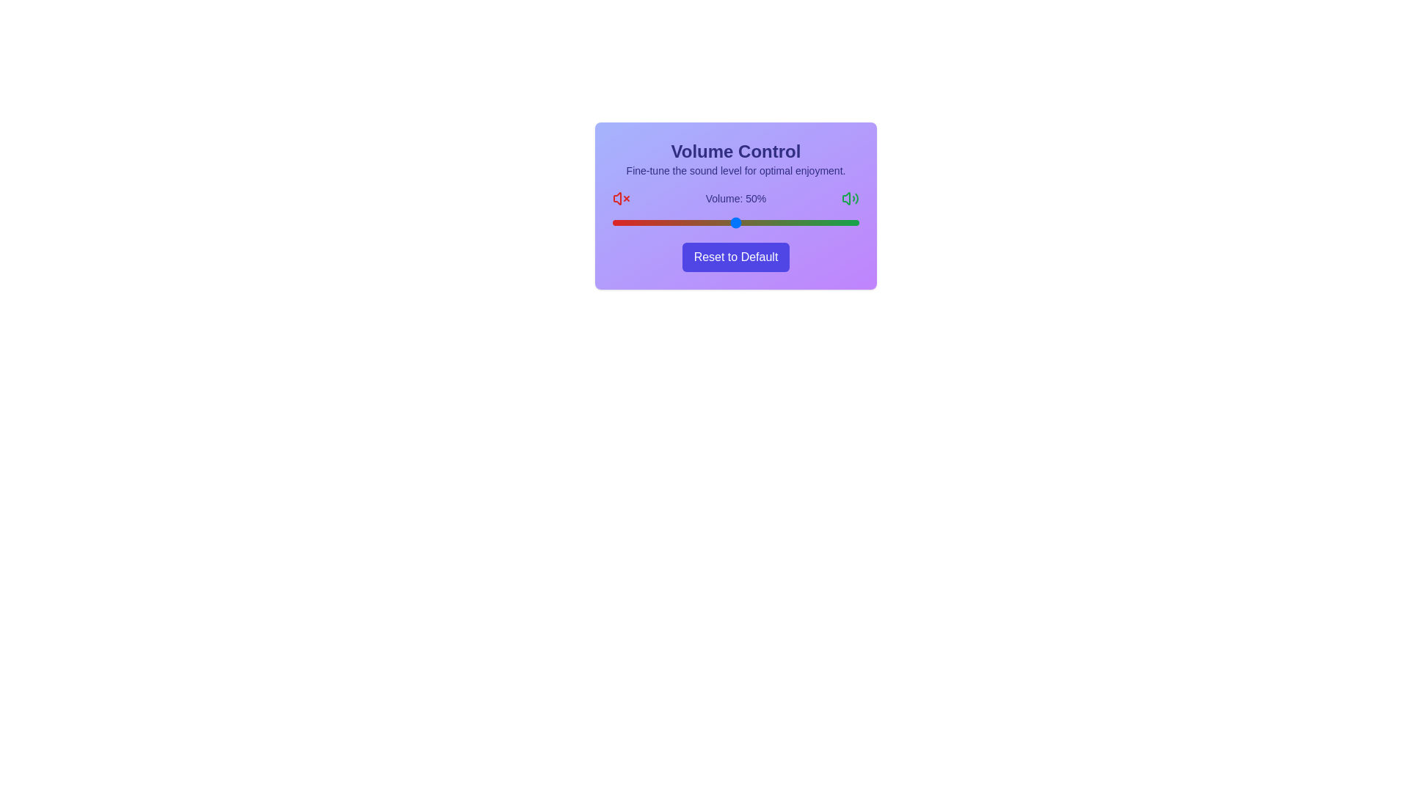 The height and width of the screenshot is (792, 1409). I want to click on the volume slider to set the volume to 95%, so click(847, 223).